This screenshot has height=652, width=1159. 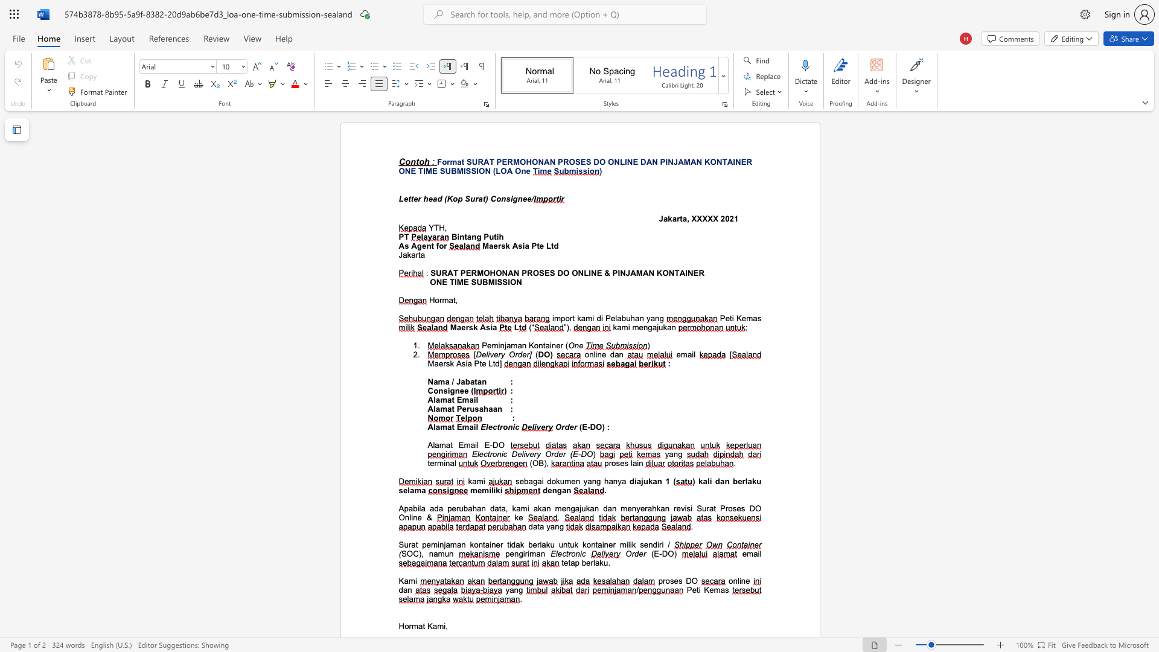 I want to click on the space between the continuous character "S" and "O" in the text, so click(x=407, y=554).